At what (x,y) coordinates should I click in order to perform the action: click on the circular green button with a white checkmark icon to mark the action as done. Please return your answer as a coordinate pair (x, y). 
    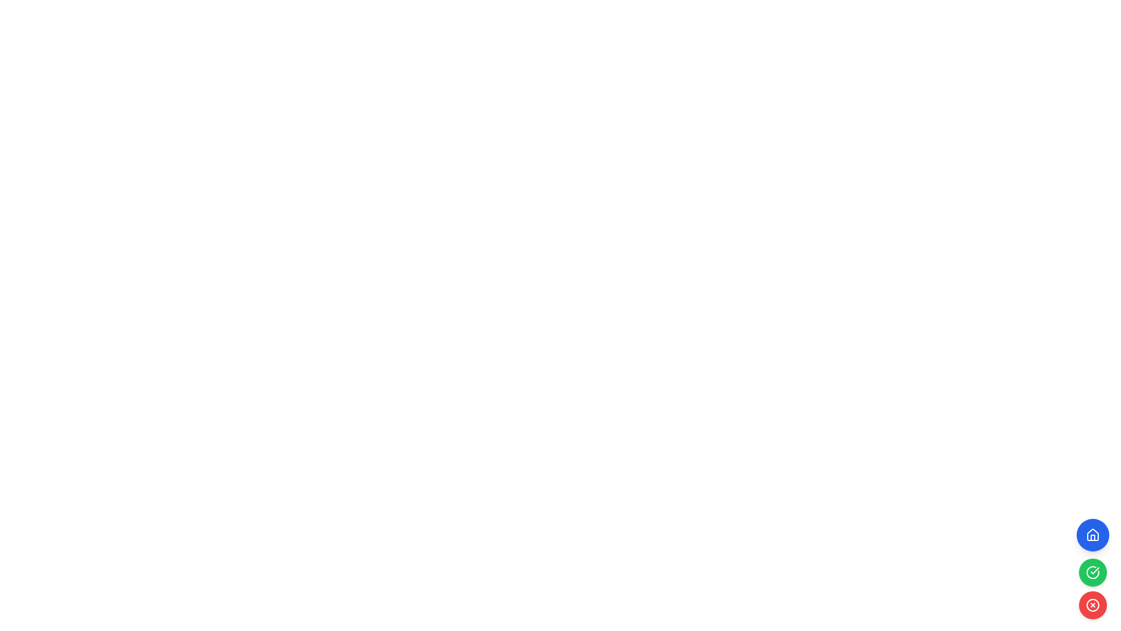
    Looking at the image, I should click on (1092, 571).